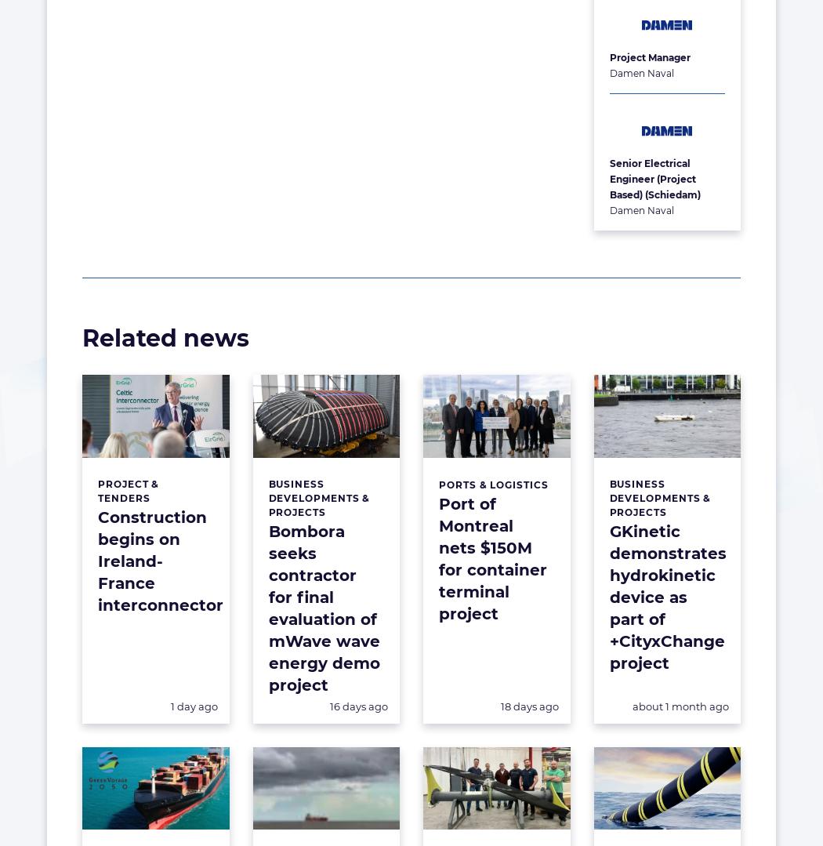 This screenshot has width=823, height=846. I want to click on 'Project & Tenders', so click(129, 489).